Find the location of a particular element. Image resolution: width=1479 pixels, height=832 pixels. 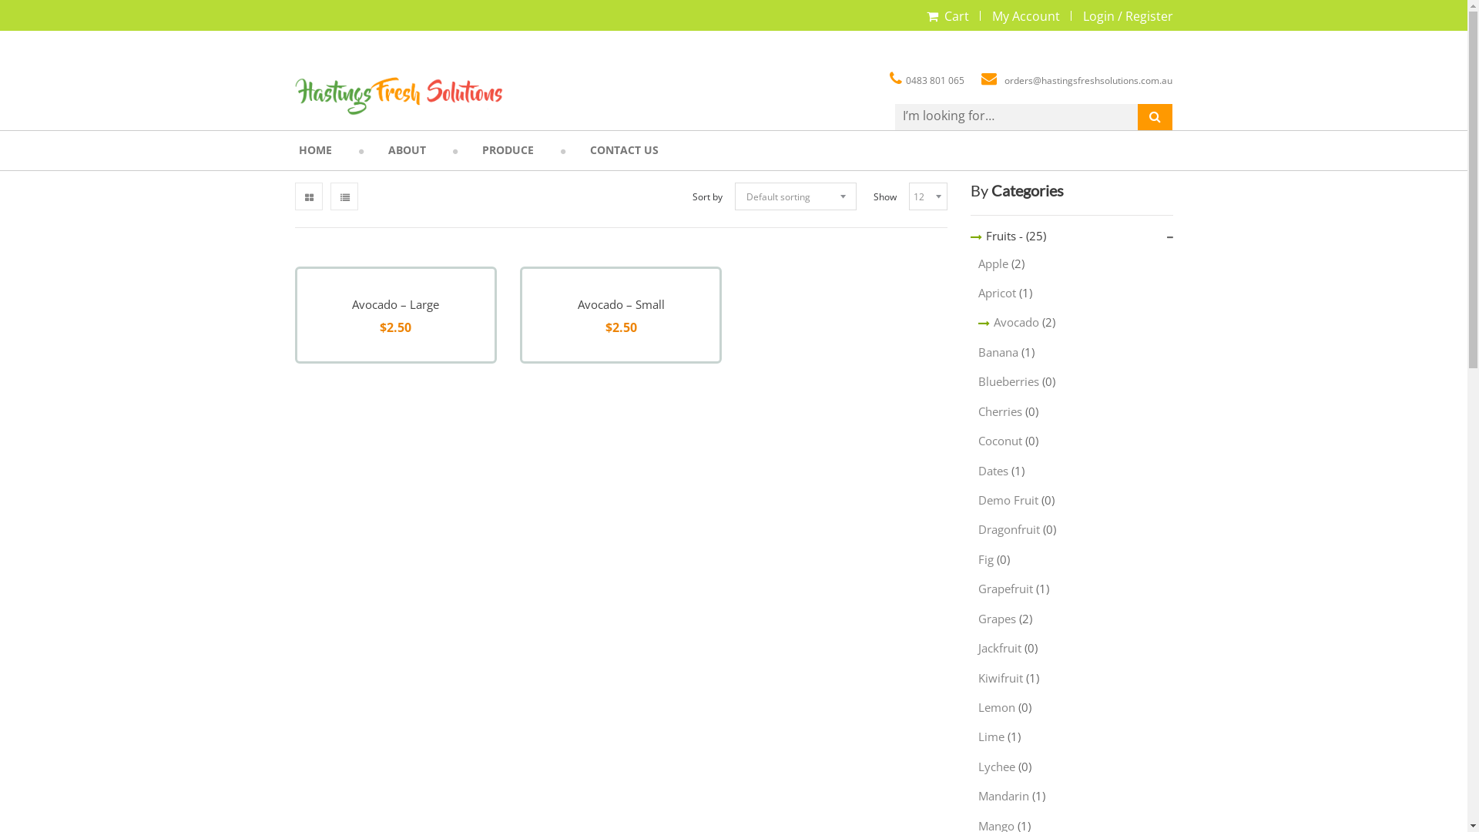

'HOME' is located at coordinates (314, 150).